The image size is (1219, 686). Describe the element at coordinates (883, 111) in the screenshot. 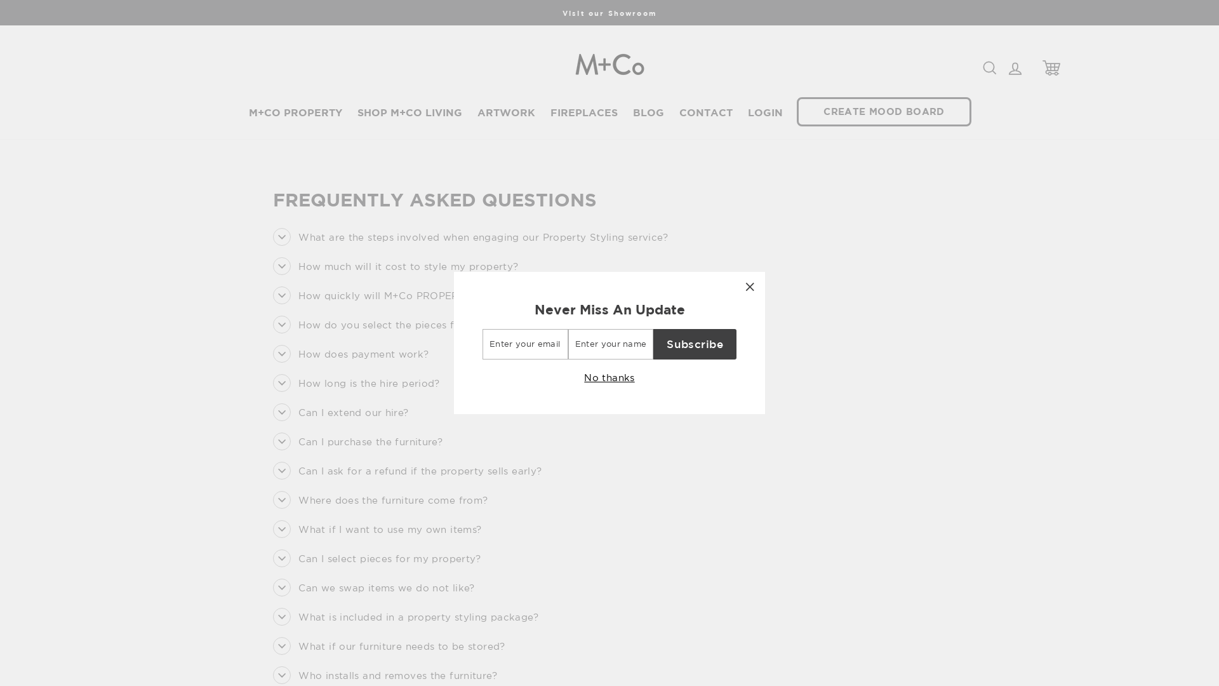

I see `'CREATE MOOD BOARD'` at that location.